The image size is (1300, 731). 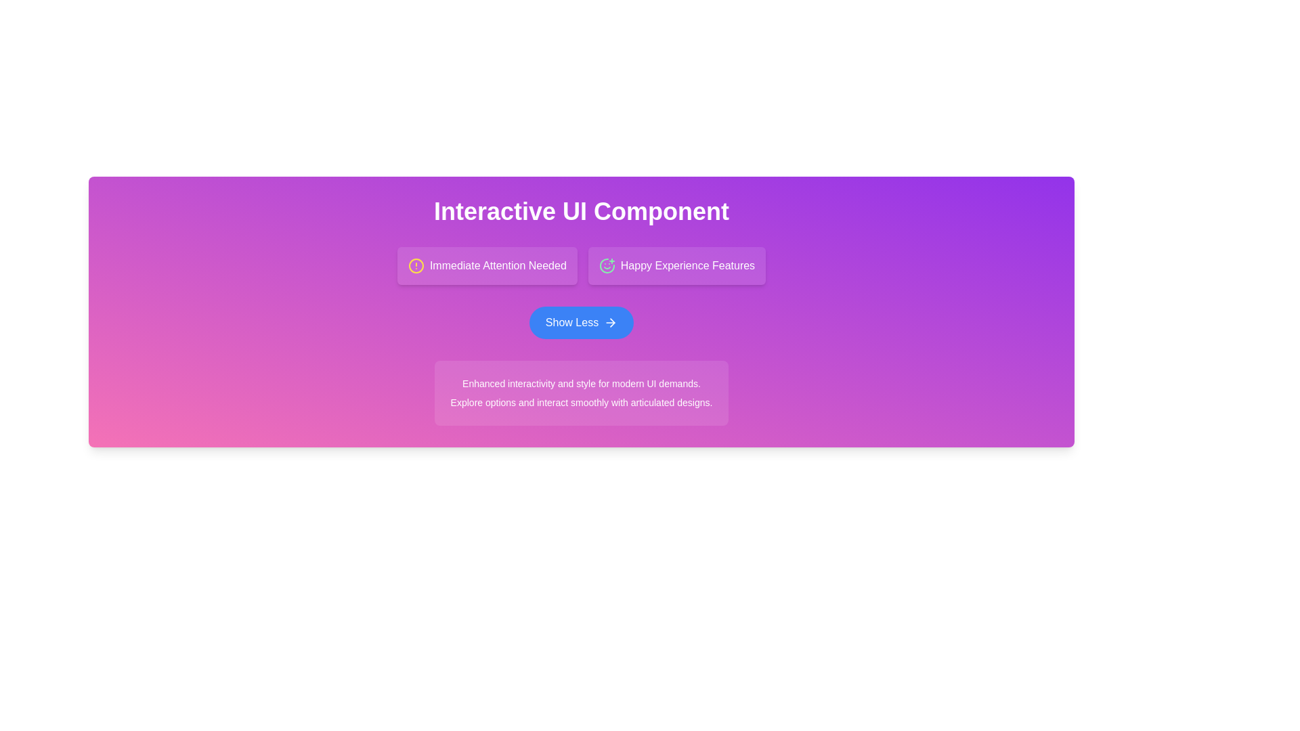 I want to click on the static text label displaying 'Happy Experience Features', which is styled in white text and located below the heading 'Interactive UI Component', so click(x=687, y=266).